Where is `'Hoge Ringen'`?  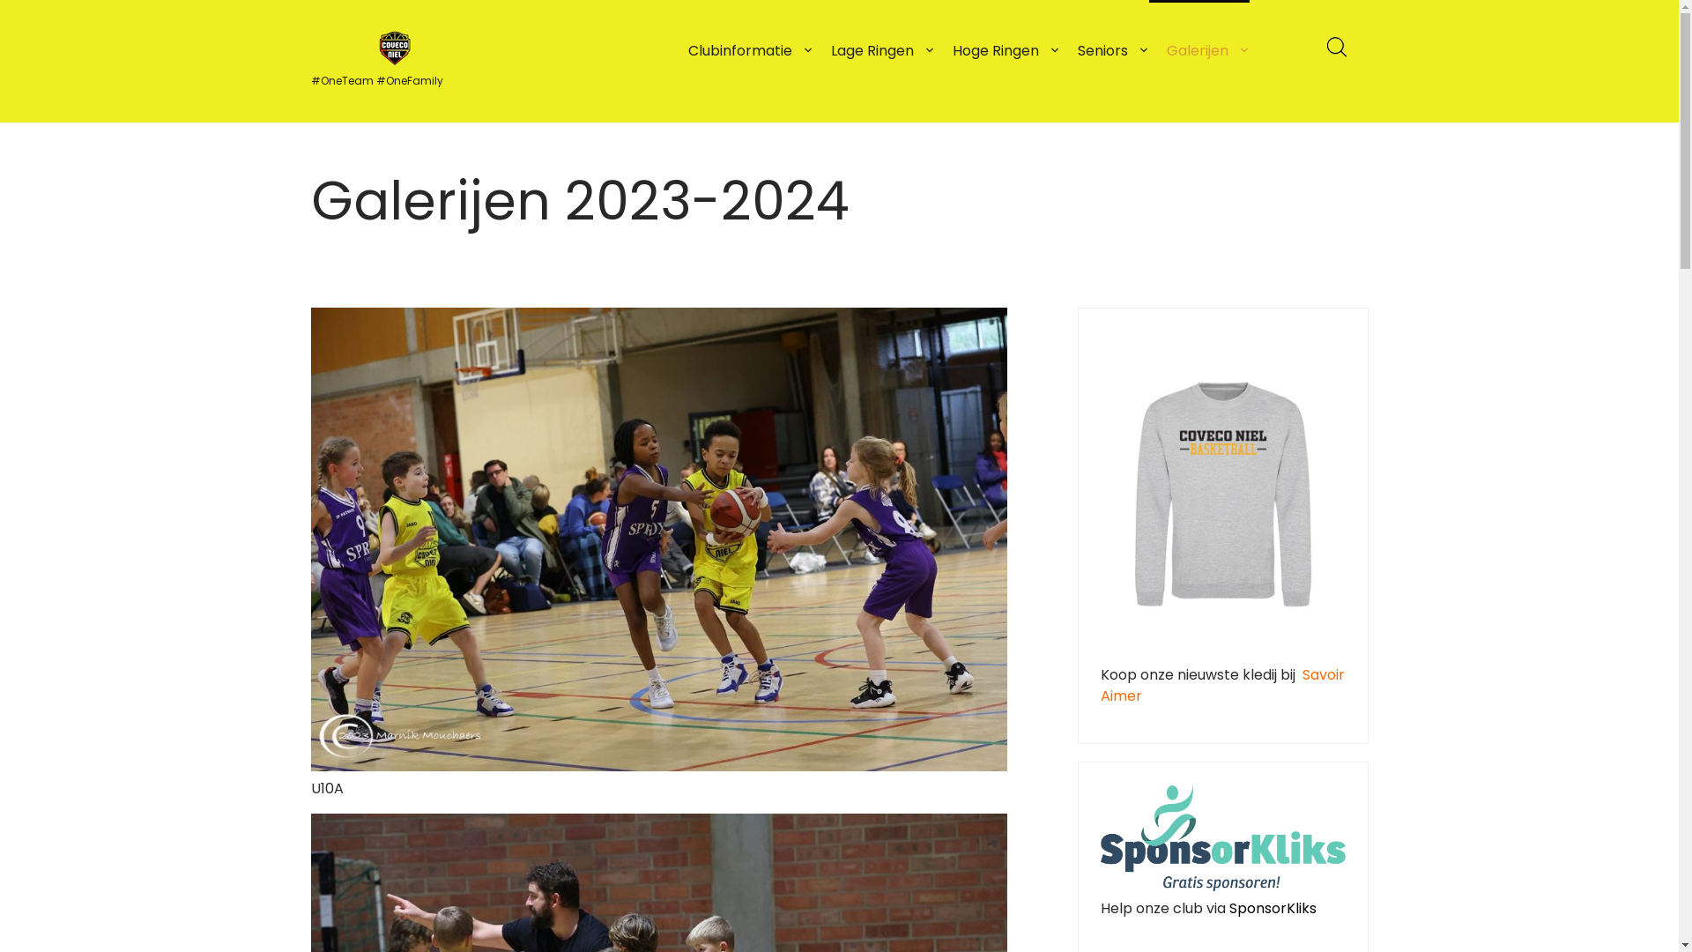 'Hoge Ringen' is located at coordinates (997, 49).